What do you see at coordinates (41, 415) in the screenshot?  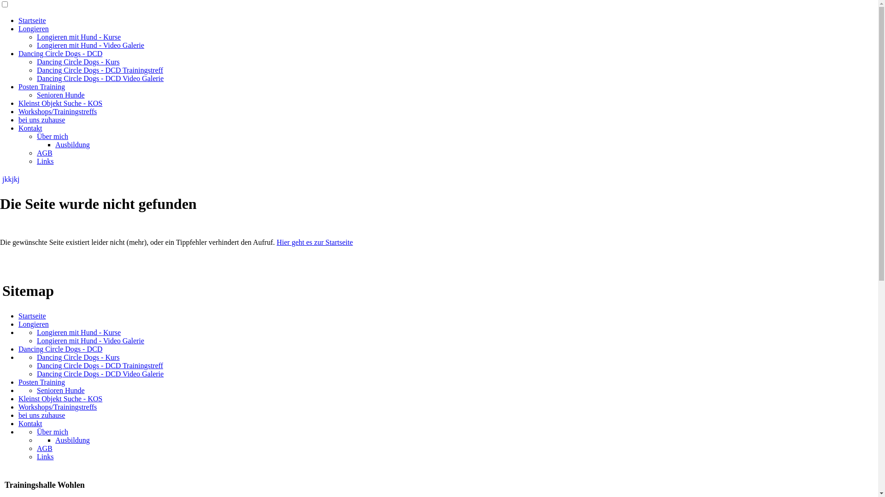 I see `'bei uns zuhause'` at bounding box center [41, 415].